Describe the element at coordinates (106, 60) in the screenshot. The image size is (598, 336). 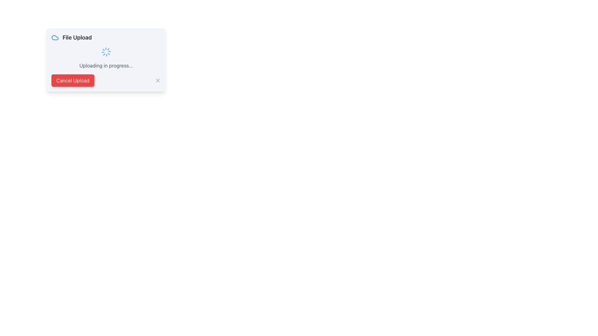
I see `the spinning loader animation displayed in the notification modal dialog indicating the status of a file upload operation` at that location.